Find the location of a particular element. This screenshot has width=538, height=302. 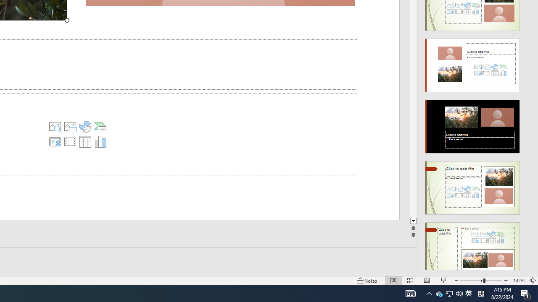

'Insert Table' is located at coordinates (85, 141).